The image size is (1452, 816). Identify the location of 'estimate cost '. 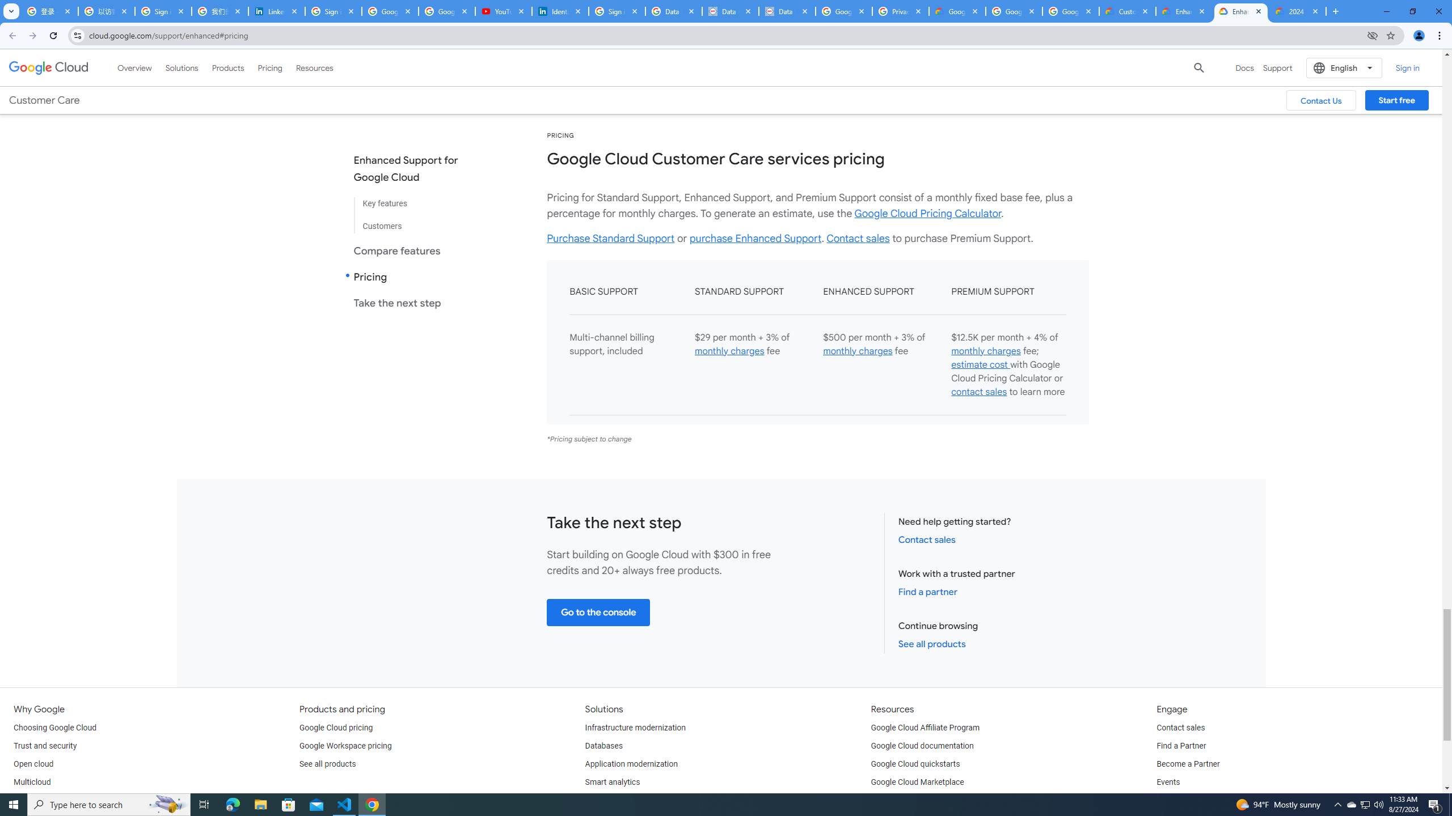
(980, 364).